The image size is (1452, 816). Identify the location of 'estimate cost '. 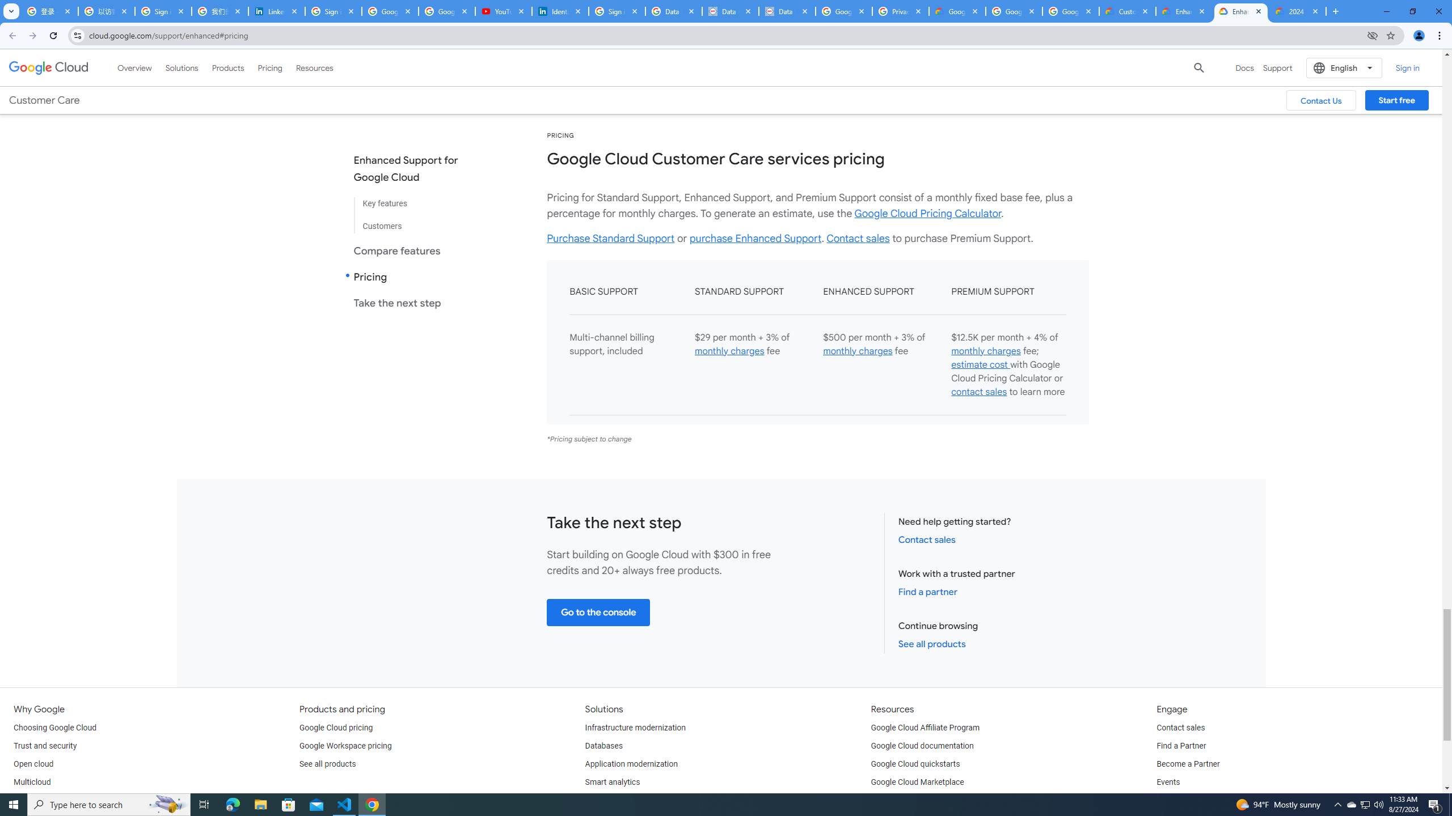
(980, 364).